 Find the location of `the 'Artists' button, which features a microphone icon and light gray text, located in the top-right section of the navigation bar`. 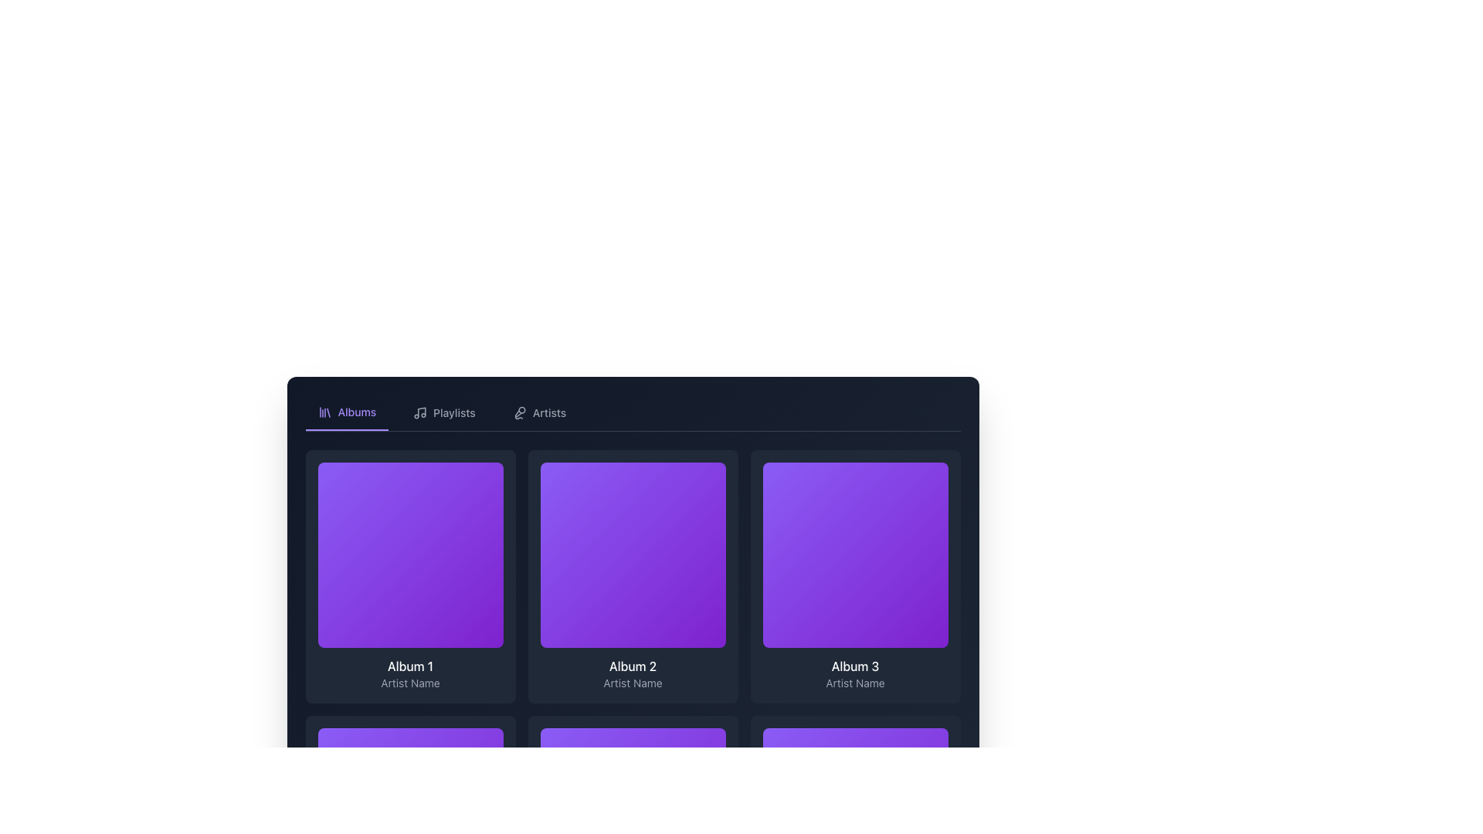

the 'Artists' button, which features a microphone icon and light gray text, located in the top-right section of the navigation bar is located at coordinates (539, 412).